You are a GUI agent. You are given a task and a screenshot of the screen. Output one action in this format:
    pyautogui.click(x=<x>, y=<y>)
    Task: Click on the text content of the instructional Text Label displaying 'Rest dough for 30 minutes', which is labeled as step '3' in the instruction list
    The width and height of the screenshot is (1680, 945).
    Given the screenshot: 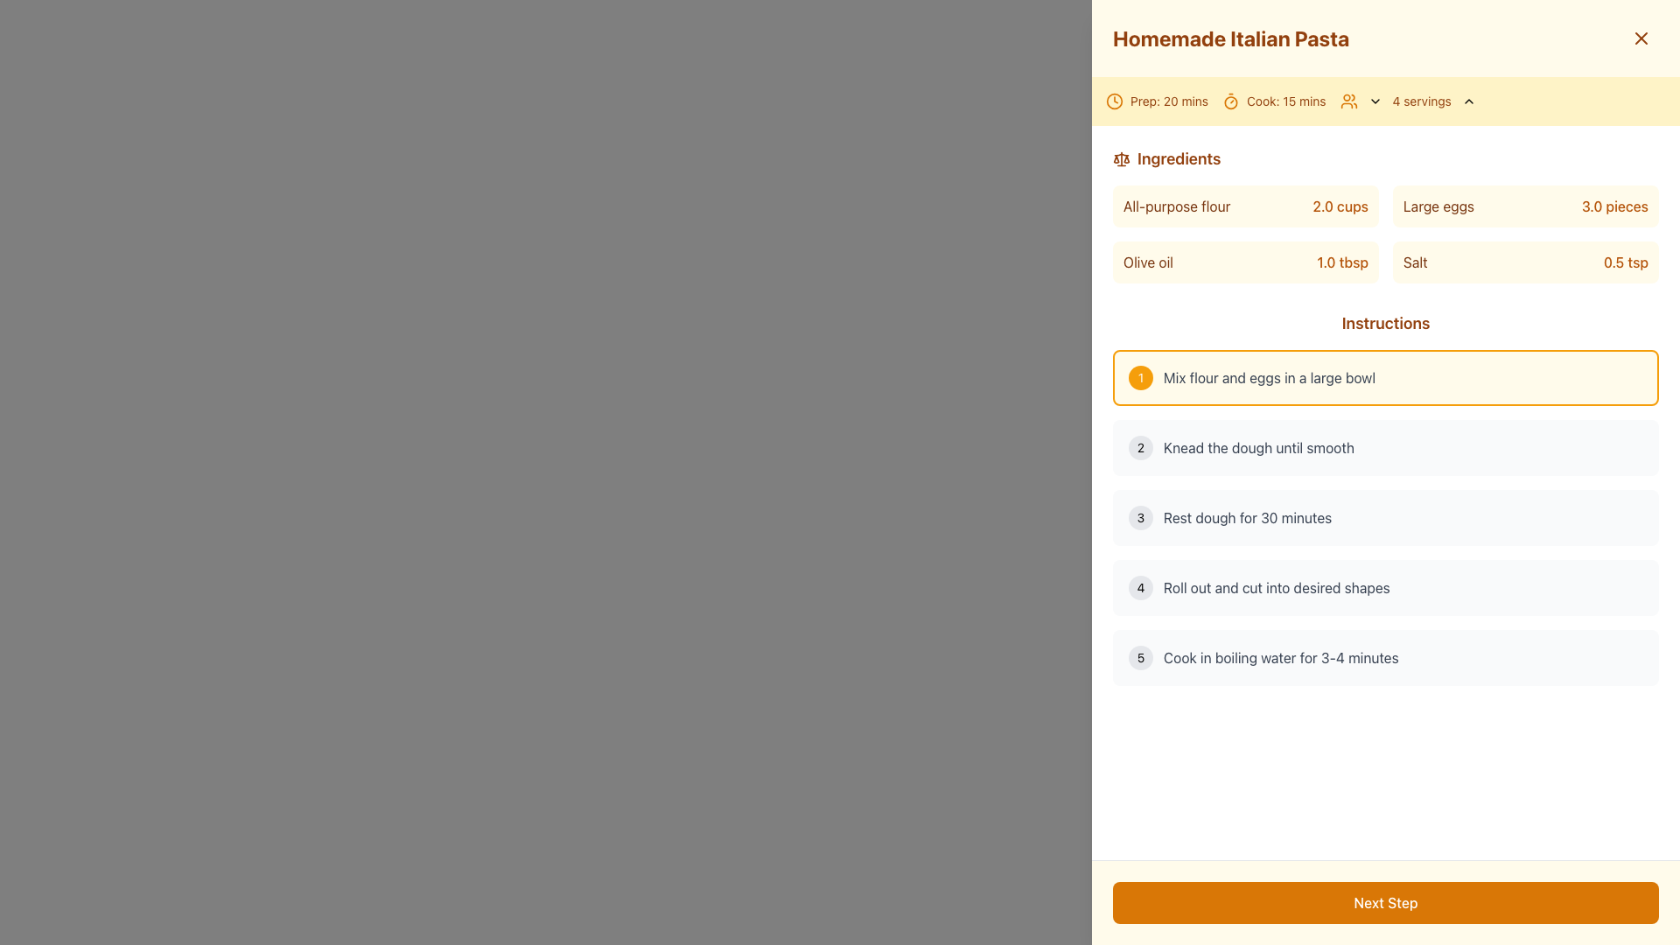 What is the action you would take?
    pyautogui.click(x=1247, y=516)
    